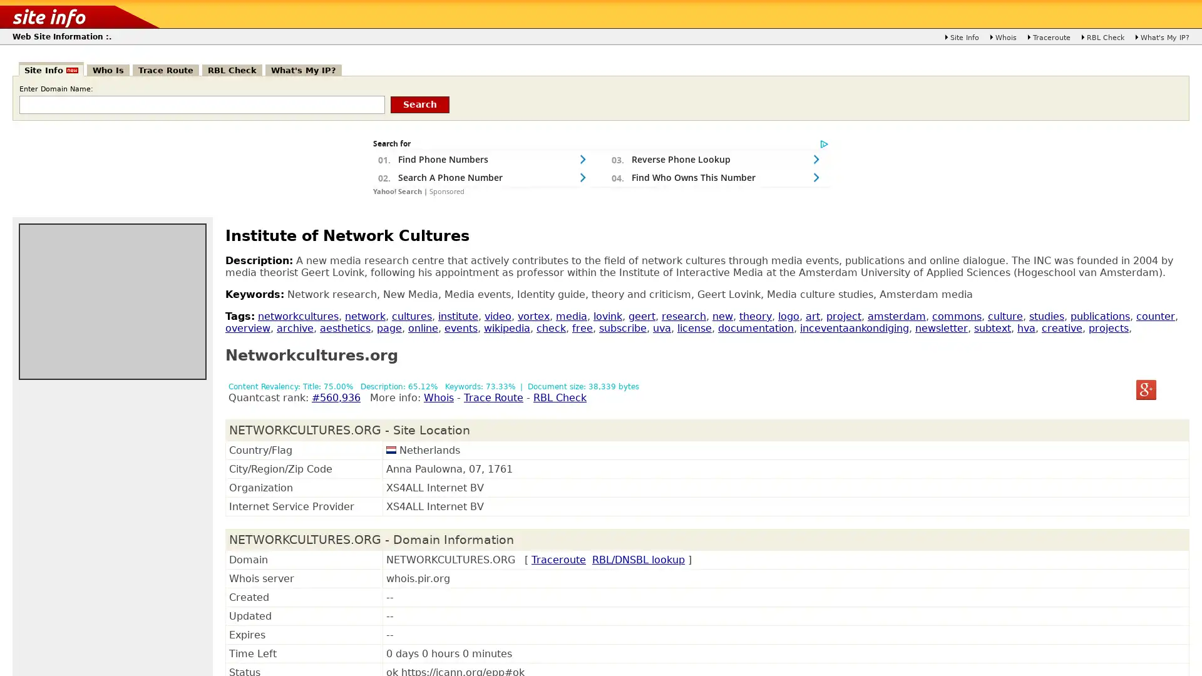 The image size is (1202, 676). I want to click on Search, so click(420, 103).